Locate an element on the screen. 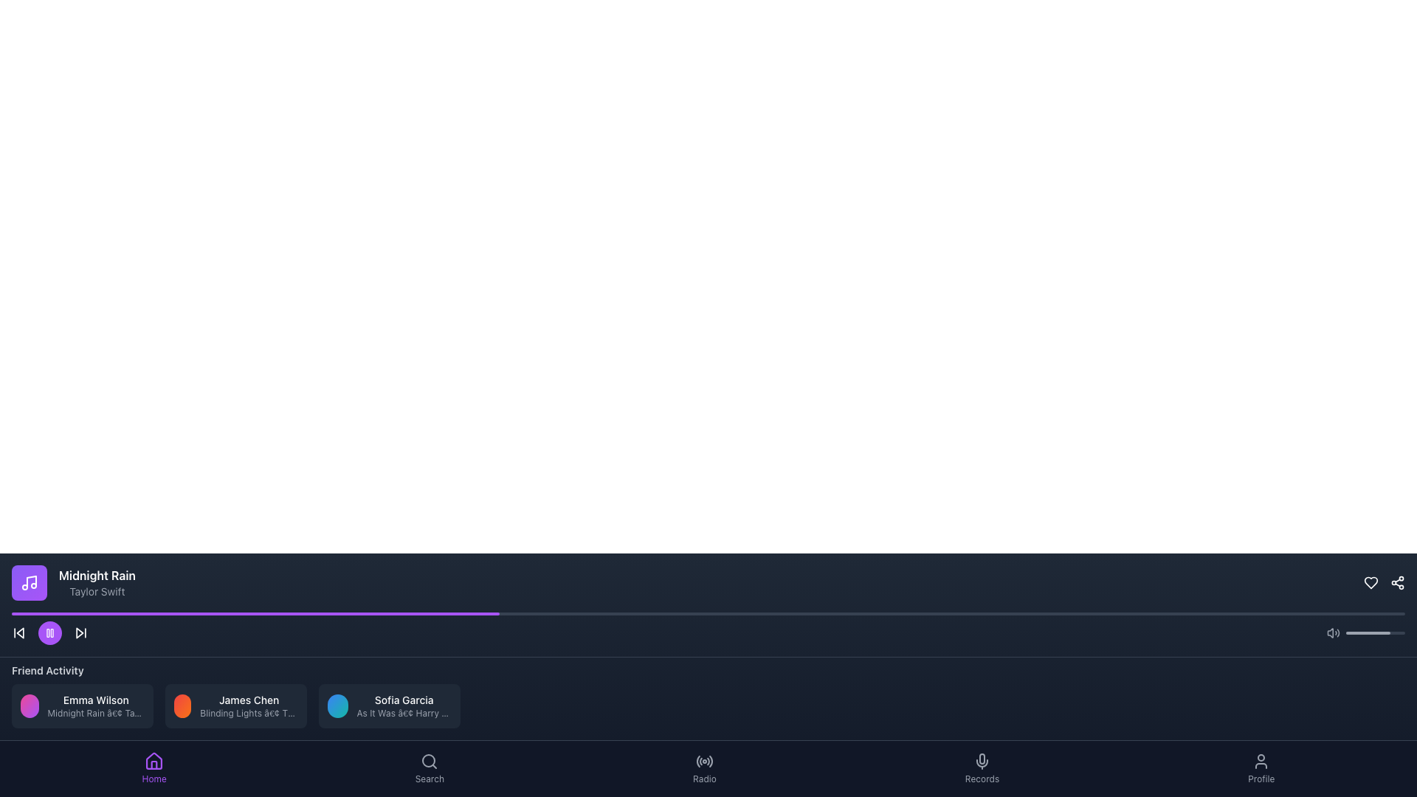  the 'share' icon button, which resembles a network of interconnected nodes, located in the bottom-right corner of the application interface is located at coordinates (1397, 582).